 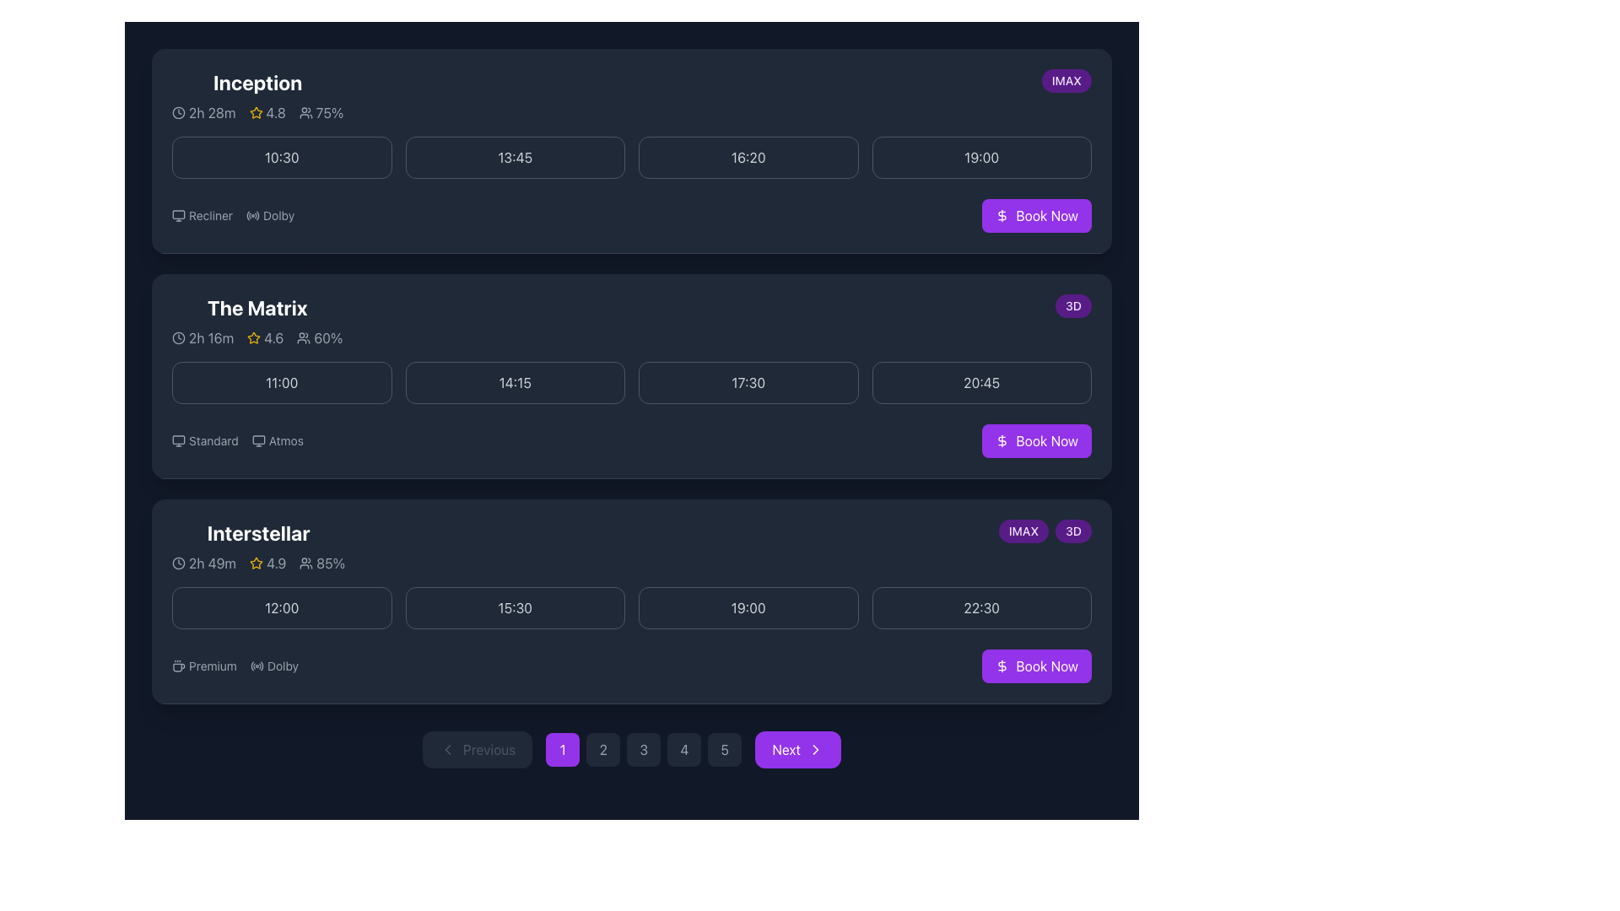 What do you see at coordinates (256, 563) in the screenshot?
I see `the popularity rating icon located in the 'Interstellar' movie section, positioned directly left of the rating number '4.9' and to the right of the duration icon` at bounding box center [256, 563].